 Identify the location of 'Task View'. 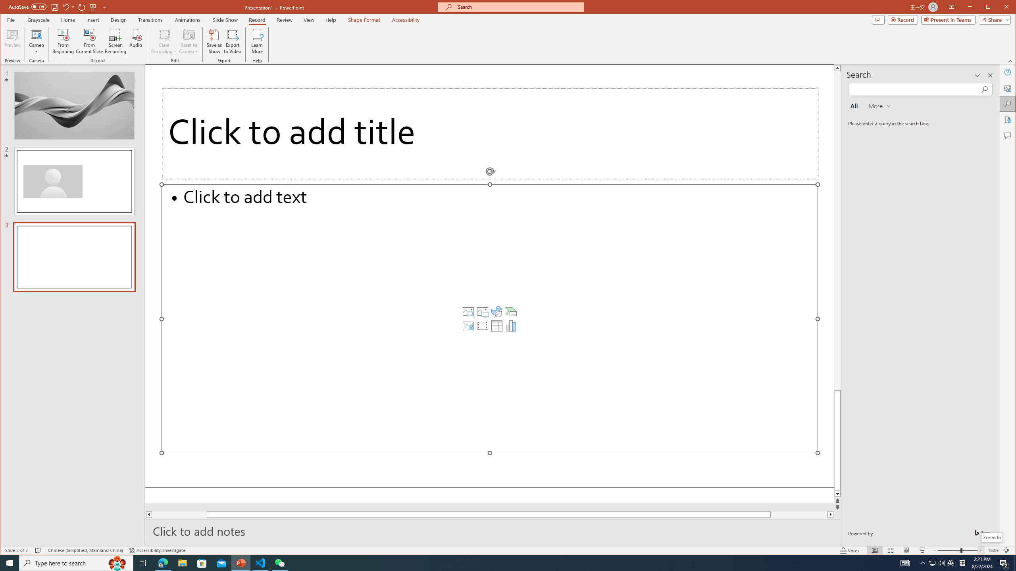
(142, 562).